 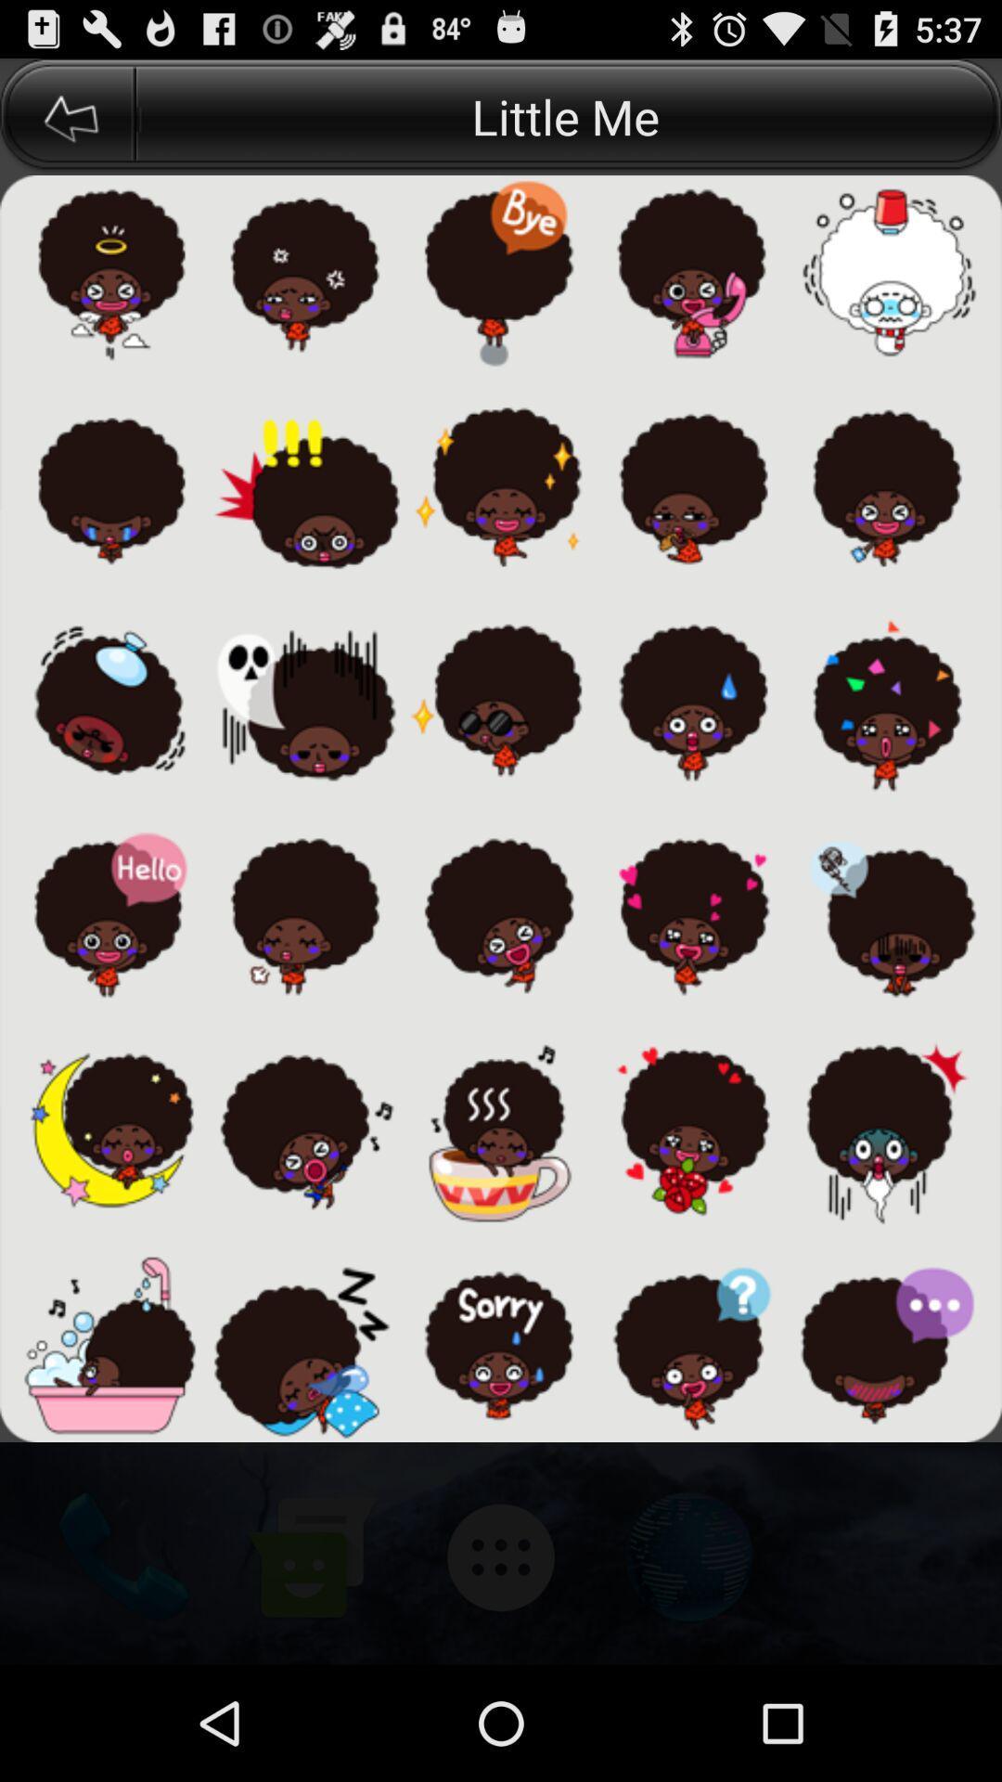 I want to click on the little me item, so click(x=568, y=115).